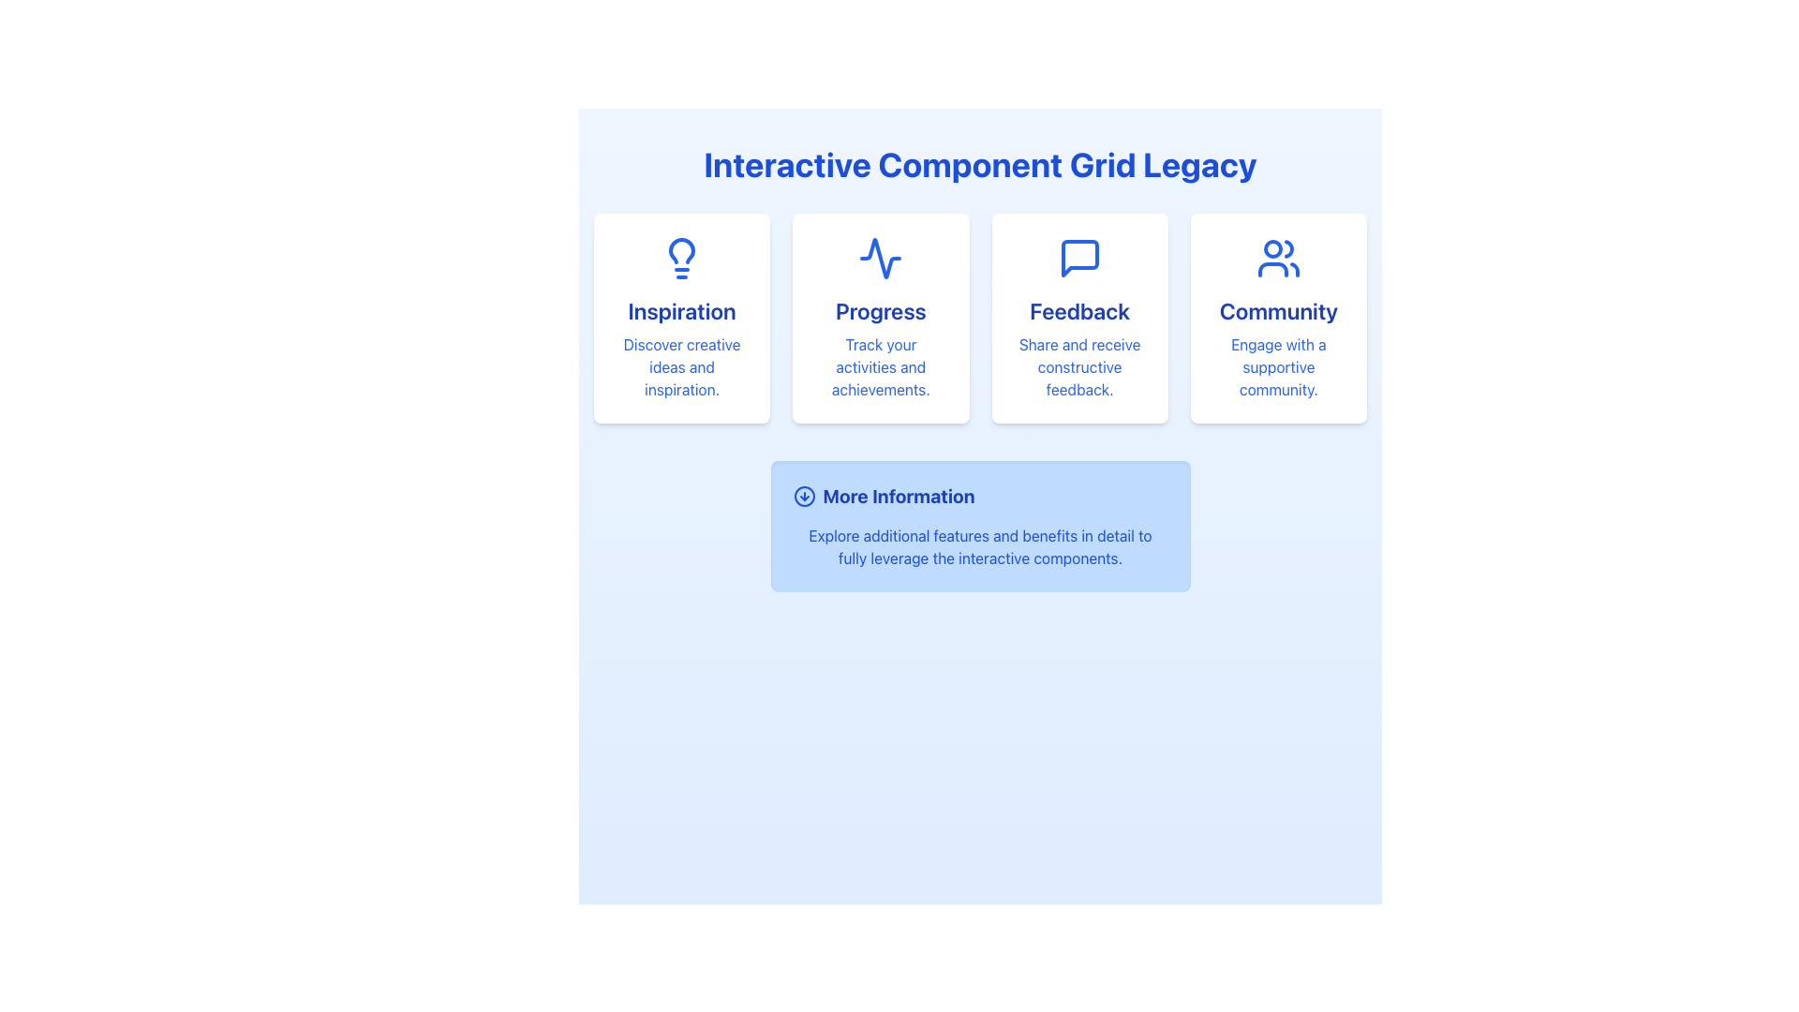  I want to click on text 'Inspiration' displayed in a bold, large blue font, which is positioned in the top-left card of a four-card grid, above the descriptive text, so click(681, 309).